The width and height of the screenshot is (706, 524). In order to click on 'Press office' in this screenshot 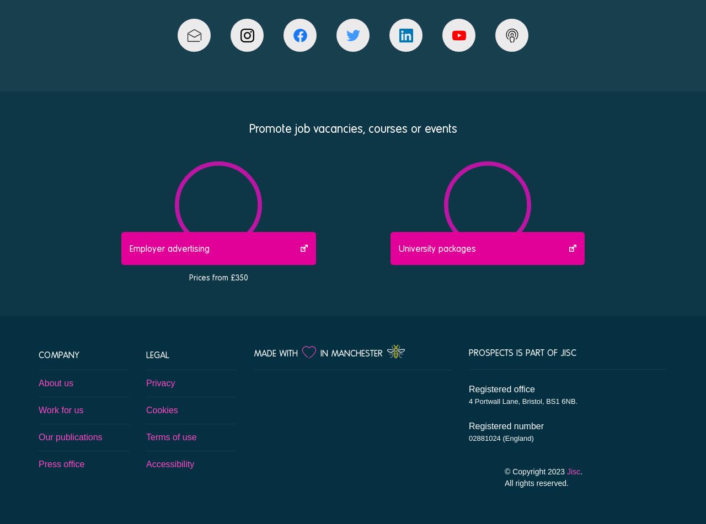, I will do `click(39, 463)`.